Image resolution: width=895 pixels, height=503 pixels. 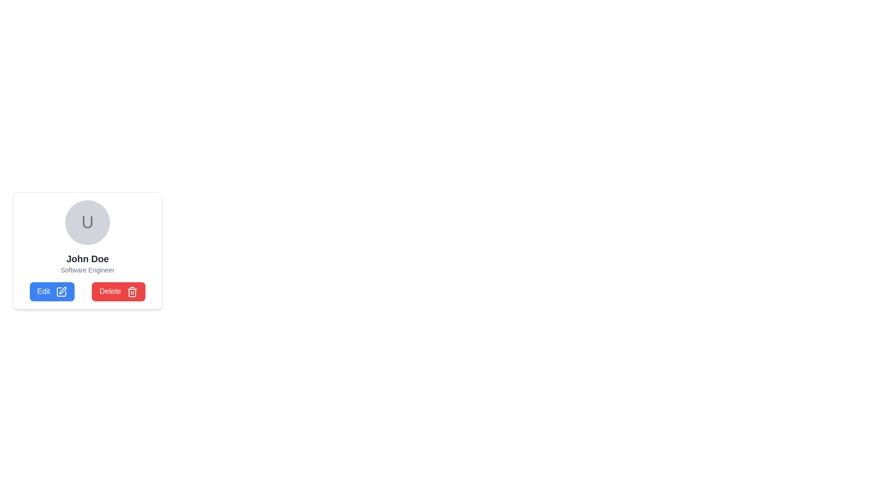 What do you see at coordinates (51, 291) in the screenshot?
I see `the edit button located at the bottom left of the user details card` at bounding box center [51, 291].